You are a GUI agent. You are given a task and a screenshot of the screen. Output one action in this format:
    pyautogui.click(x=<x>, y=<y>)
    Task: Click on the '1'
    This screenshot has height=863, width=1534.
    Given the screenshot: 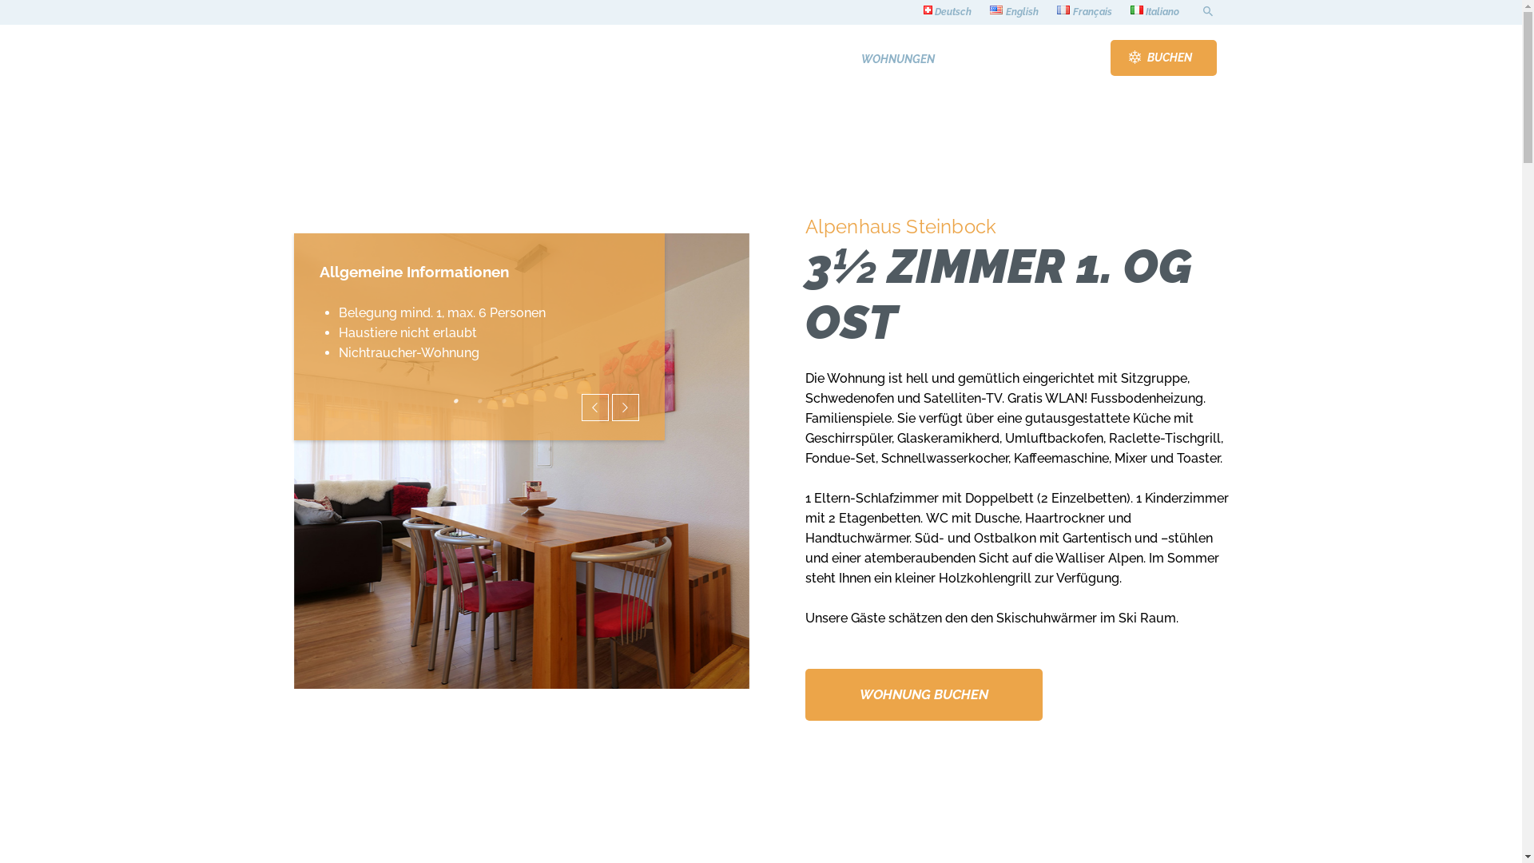 What is the action you would take?
    pyautogui.click(x=455, y=400)
    